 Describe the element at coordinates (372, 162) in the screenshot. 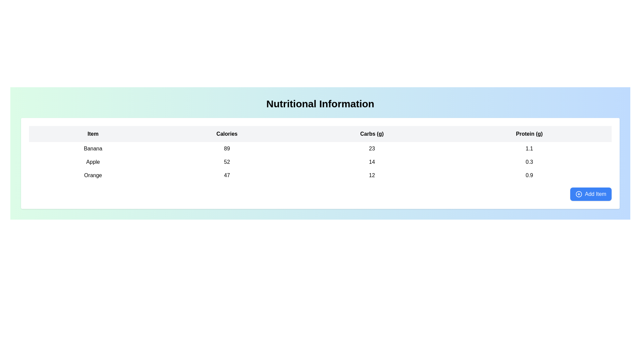

I see `the numerical text label '14' in the 'Carbs (g)' column for the 'Apple' row, which is styled in black font against a white background` at that location.